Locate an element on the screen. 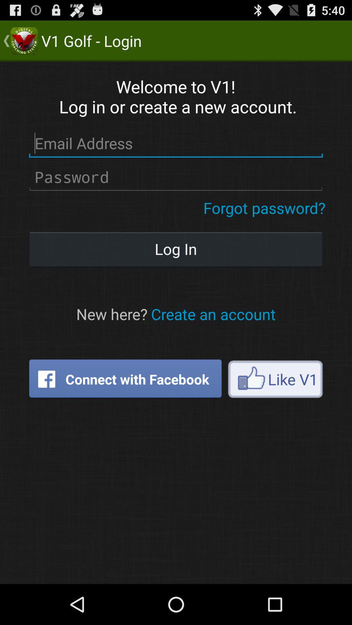 This screenshot has height=625, width=352. the connect with facebook is located at coordinates (125, 379).